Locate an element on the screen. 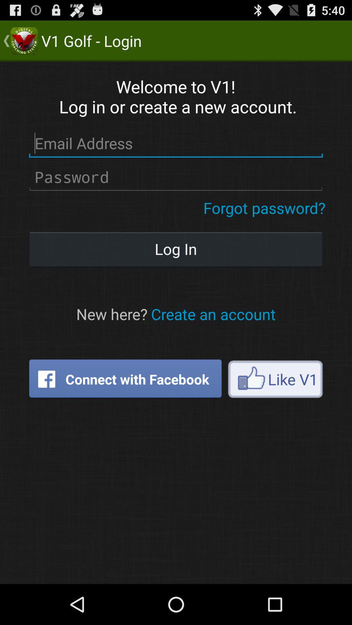 This screenshot has height=625, width=352. the connect with facebook is located at coordinates (125, 379).